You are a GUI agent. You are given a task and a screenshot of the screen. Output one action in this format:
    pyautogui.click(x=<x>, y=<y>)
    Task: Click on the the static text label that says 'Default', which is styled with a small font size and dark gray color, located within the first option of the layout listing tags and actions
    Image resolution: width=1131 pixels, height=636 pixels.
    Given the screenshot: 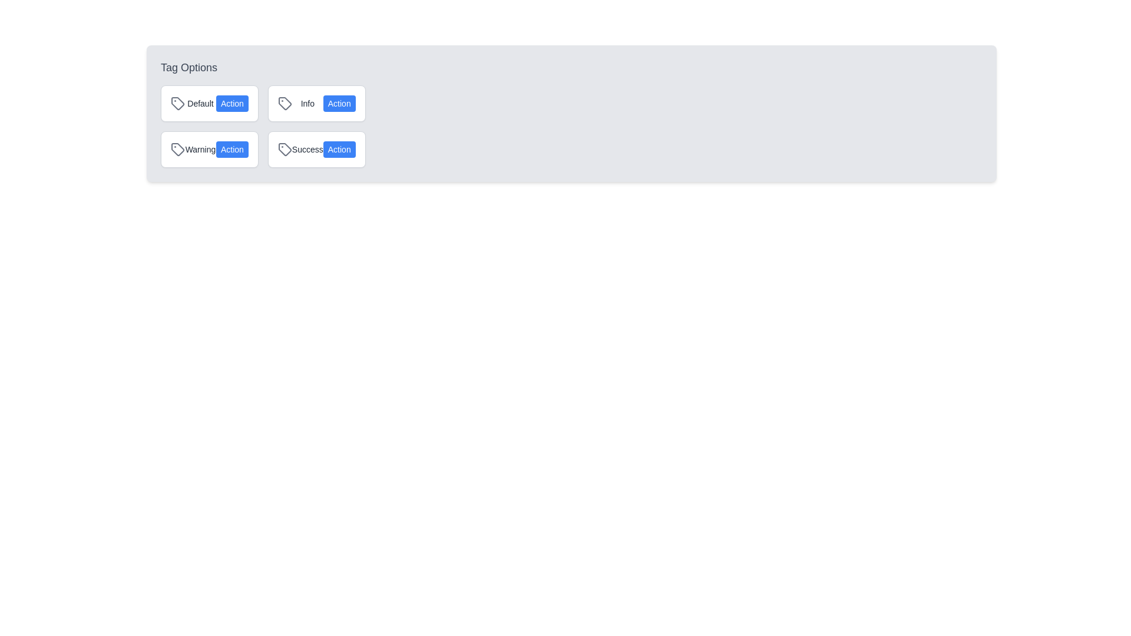 What is the action you would take?
    pyautogui.click(x=200, y=103)
    